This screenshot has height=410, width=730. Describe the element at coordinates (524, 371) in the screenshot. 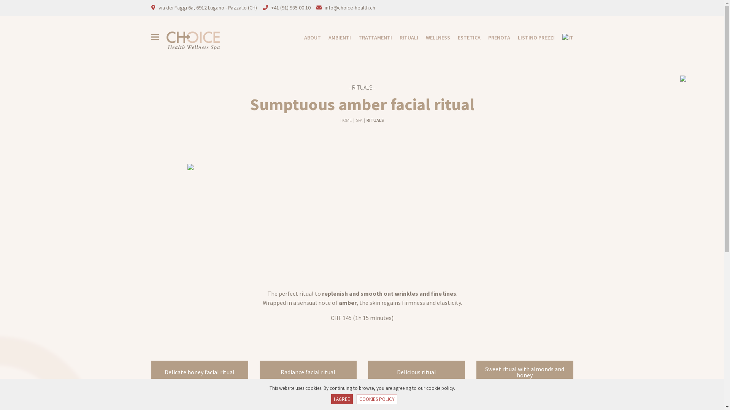

I see `'Sweet ritual with almonds and honey'` at that location.